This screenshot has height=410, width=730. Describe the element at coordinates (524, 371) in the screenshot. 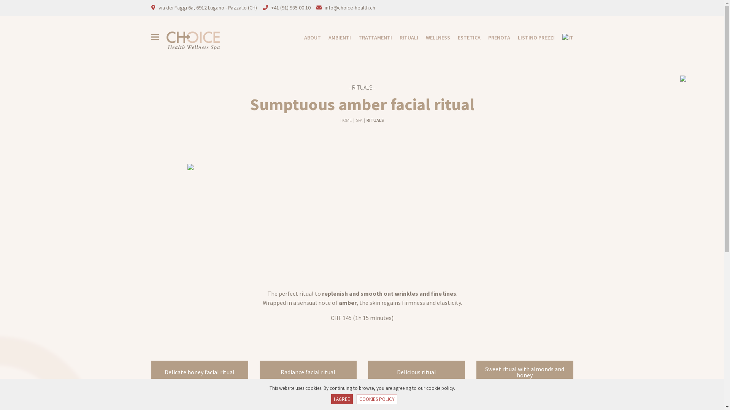

I see `'Sweet ritual with almonds and honey'` at that location.